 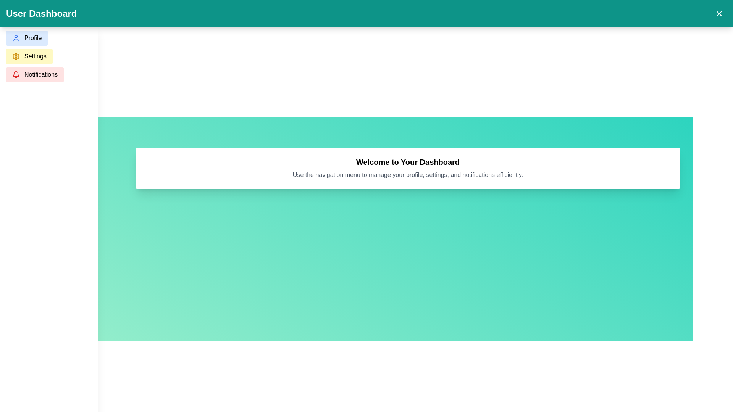 I want to click on the text label that serves as the title of the page or dashboard, located at the top-left corner of the teal-colored navigation bar, so click(x=41, y=13).